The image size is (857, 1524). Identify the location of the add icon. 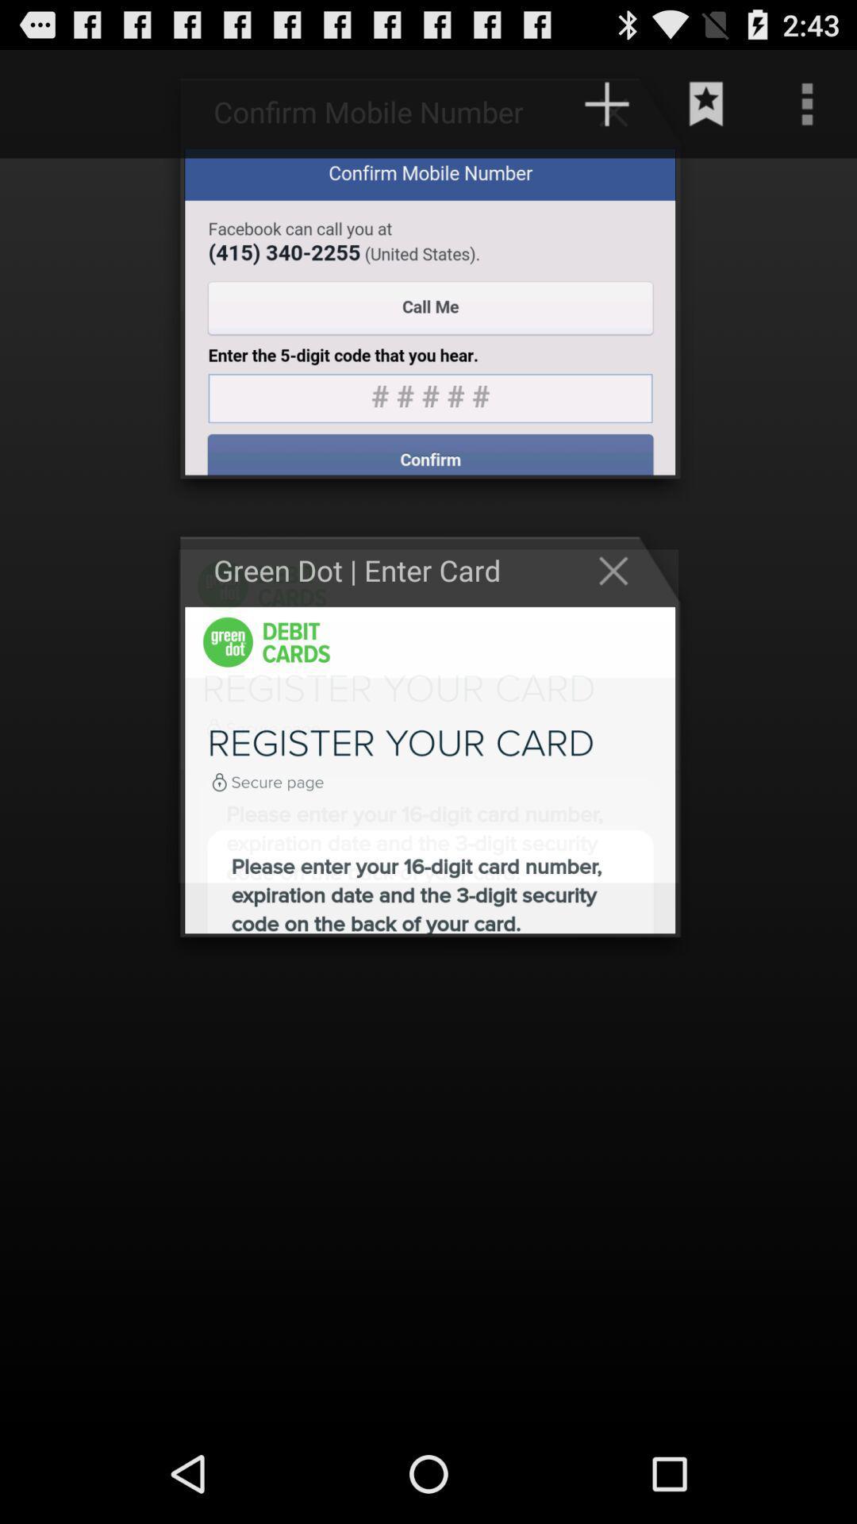
(606, 103).